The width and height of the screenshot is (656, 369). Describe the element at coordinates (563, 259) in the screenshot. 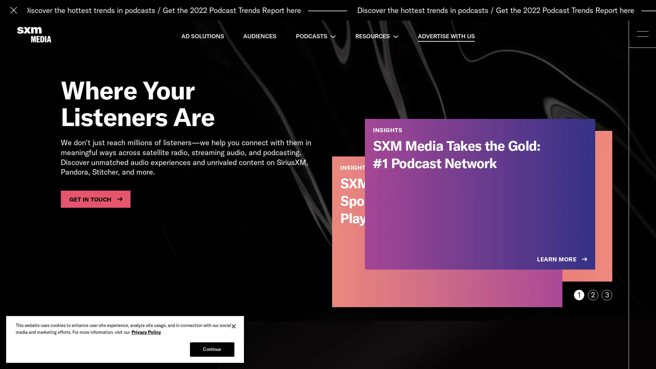

I see `LEARN MORE` at that location.